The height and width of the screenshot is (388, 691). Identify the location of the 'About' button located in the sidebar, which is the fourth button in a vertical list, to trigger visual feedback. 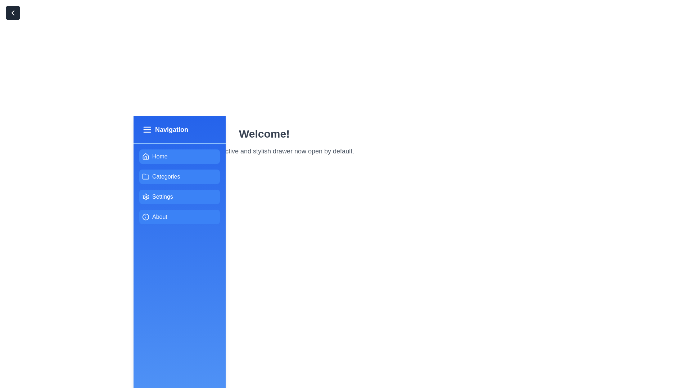
(180, 217).